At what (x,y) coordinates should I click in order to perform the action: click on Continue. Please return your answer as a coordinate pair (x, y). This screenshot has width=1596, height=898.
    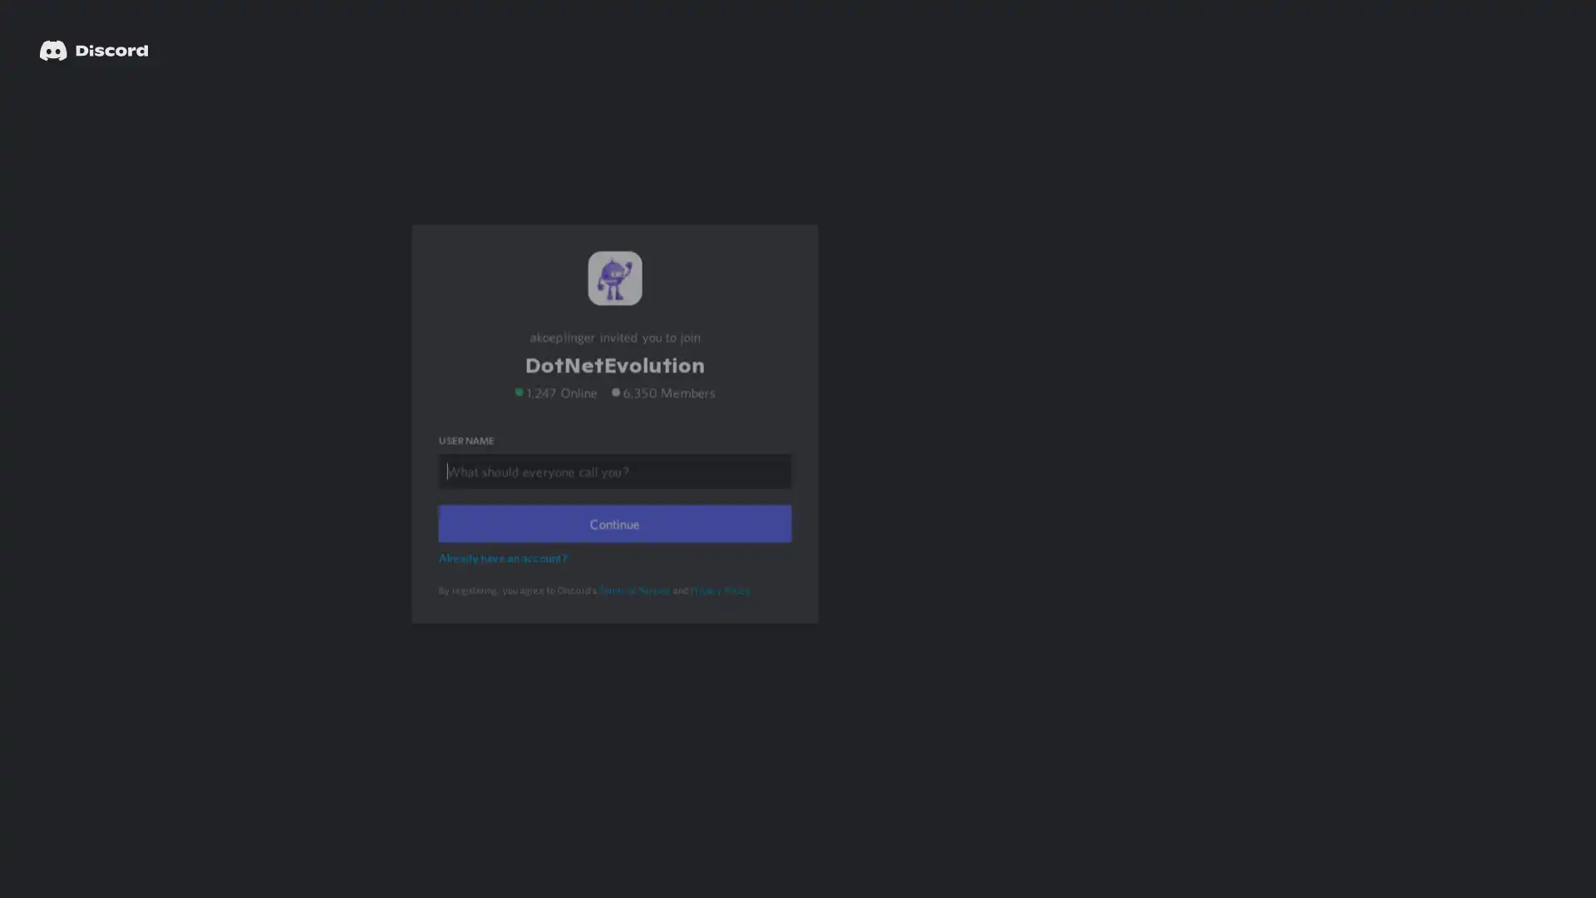
    Looking at the image, I should click on (613, 545).